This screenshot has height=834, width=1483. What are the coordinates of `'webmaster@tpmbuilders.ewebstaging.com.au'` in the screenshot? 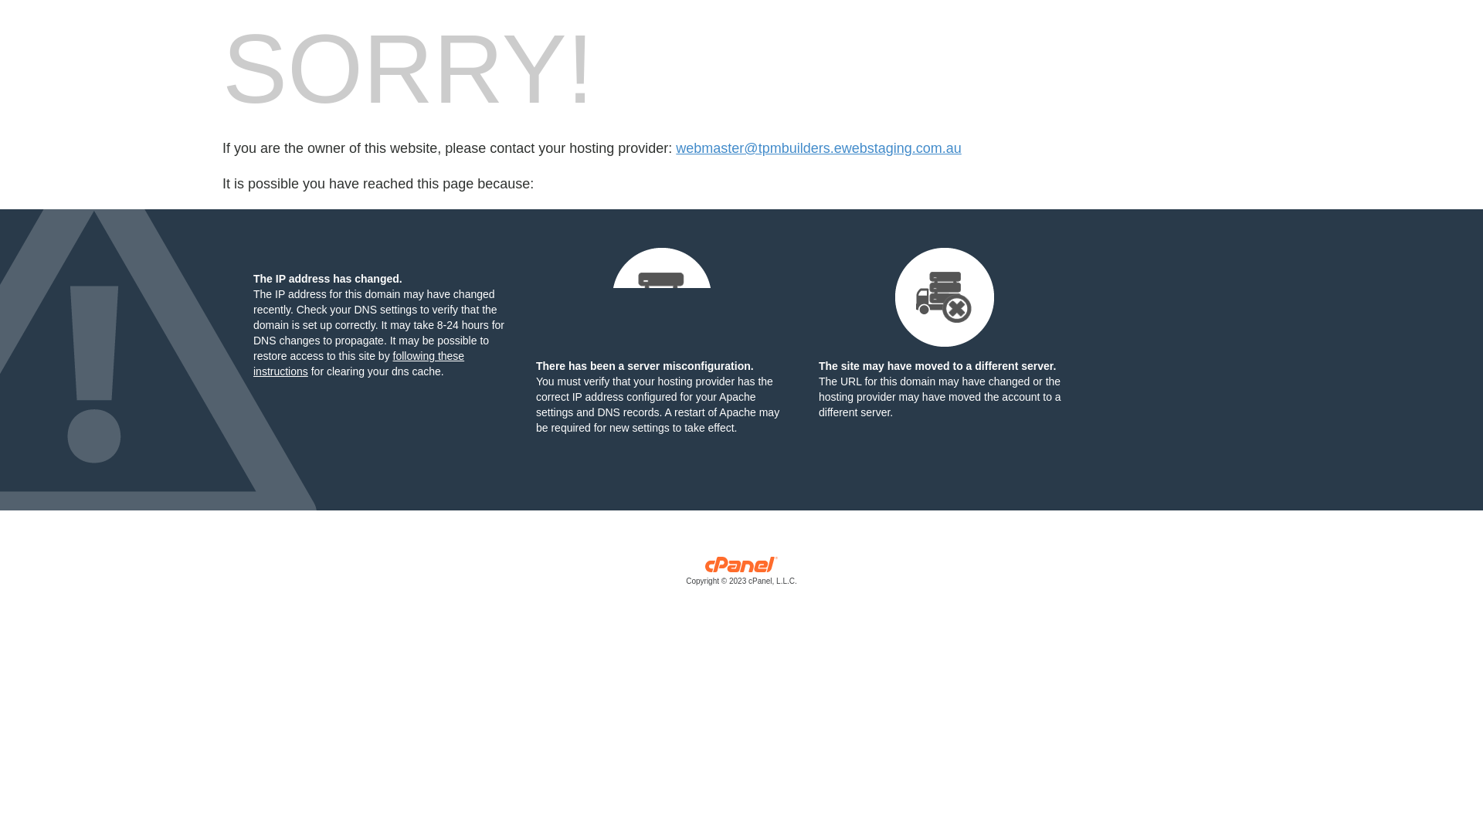 It's located at (817, 148).